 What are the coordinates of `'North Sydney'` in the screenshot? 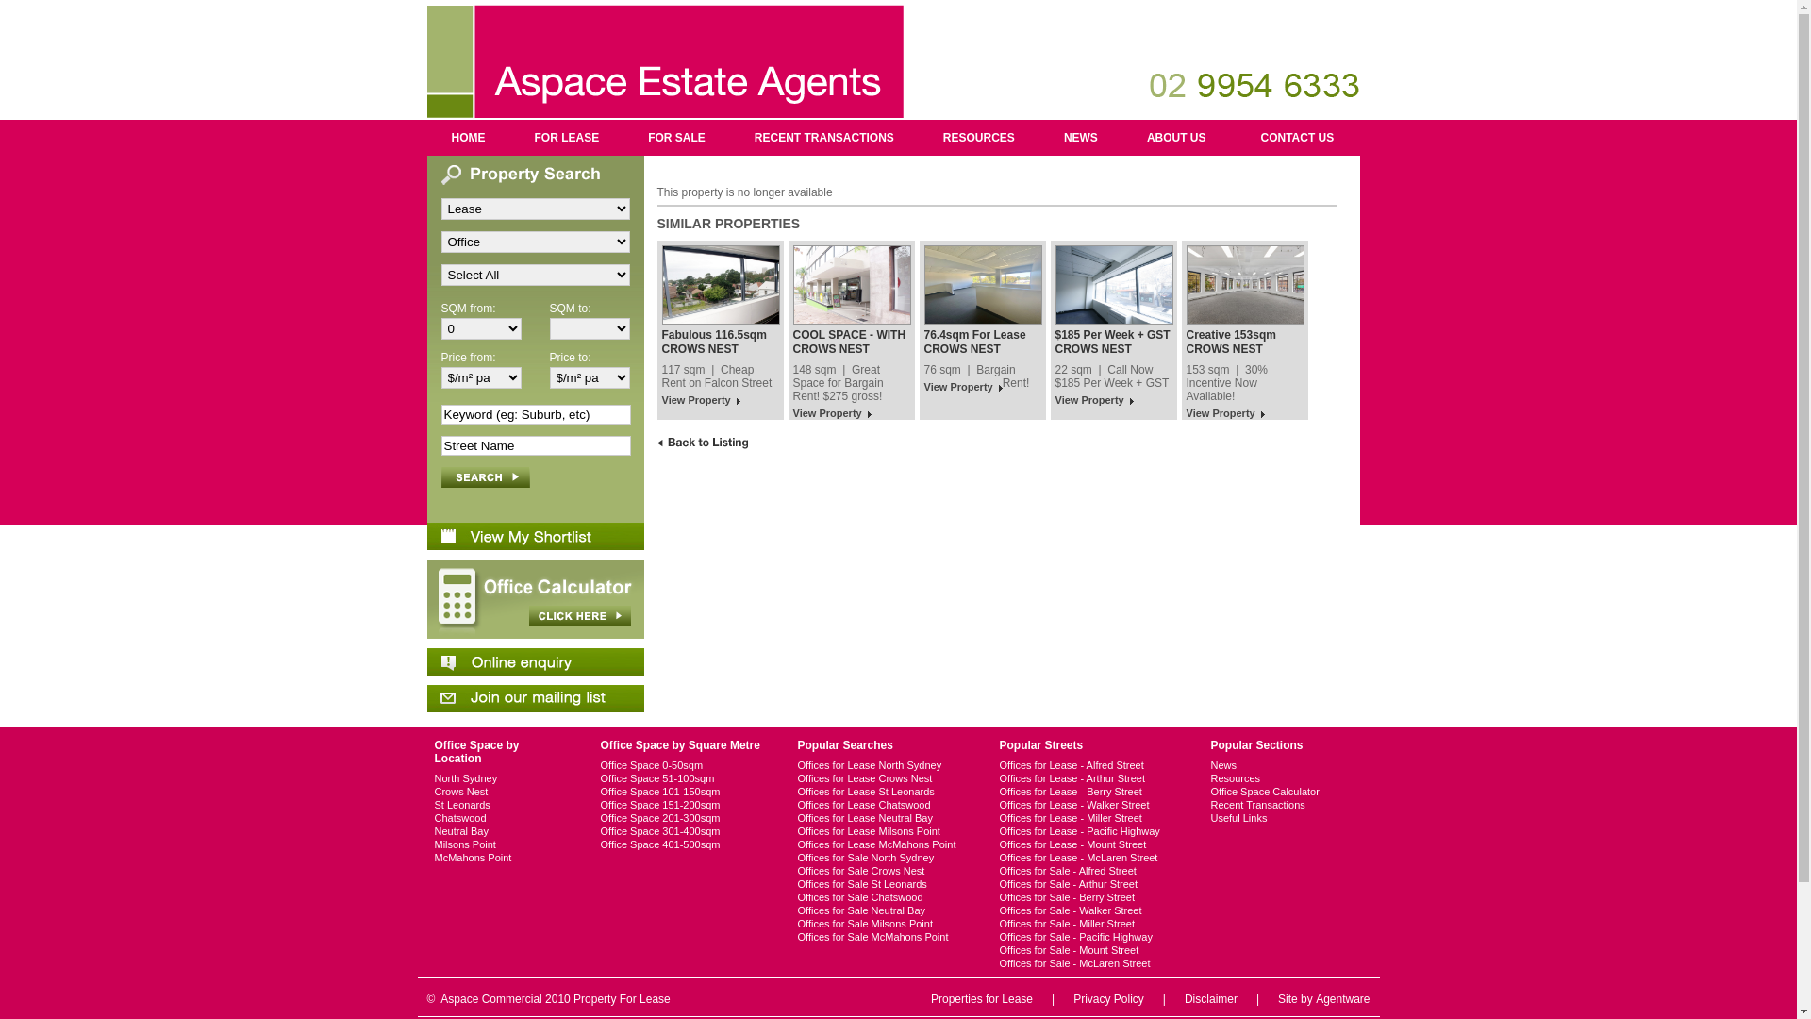 It's located at (501, 778).